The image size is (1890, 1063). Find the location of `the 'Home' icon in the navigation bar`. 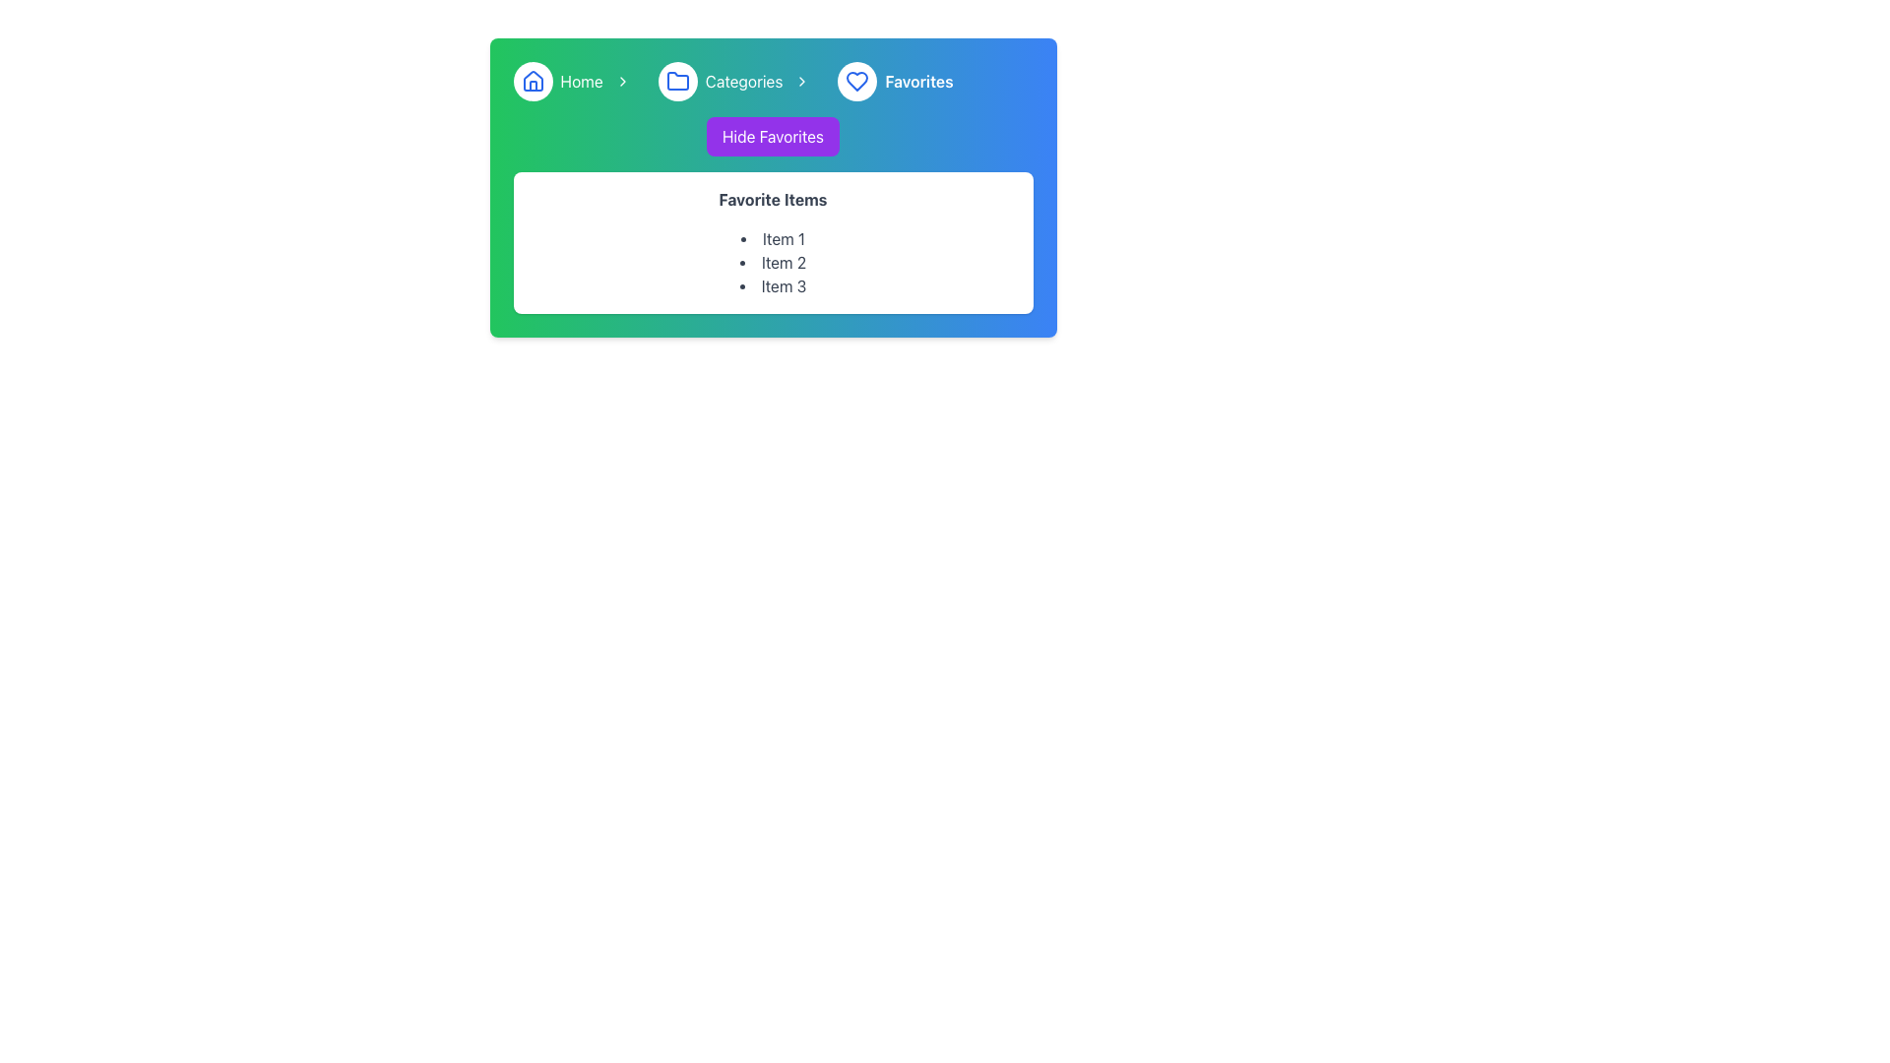

the 'Home' icon in the navigation bar is located at coordinates (533, 81).